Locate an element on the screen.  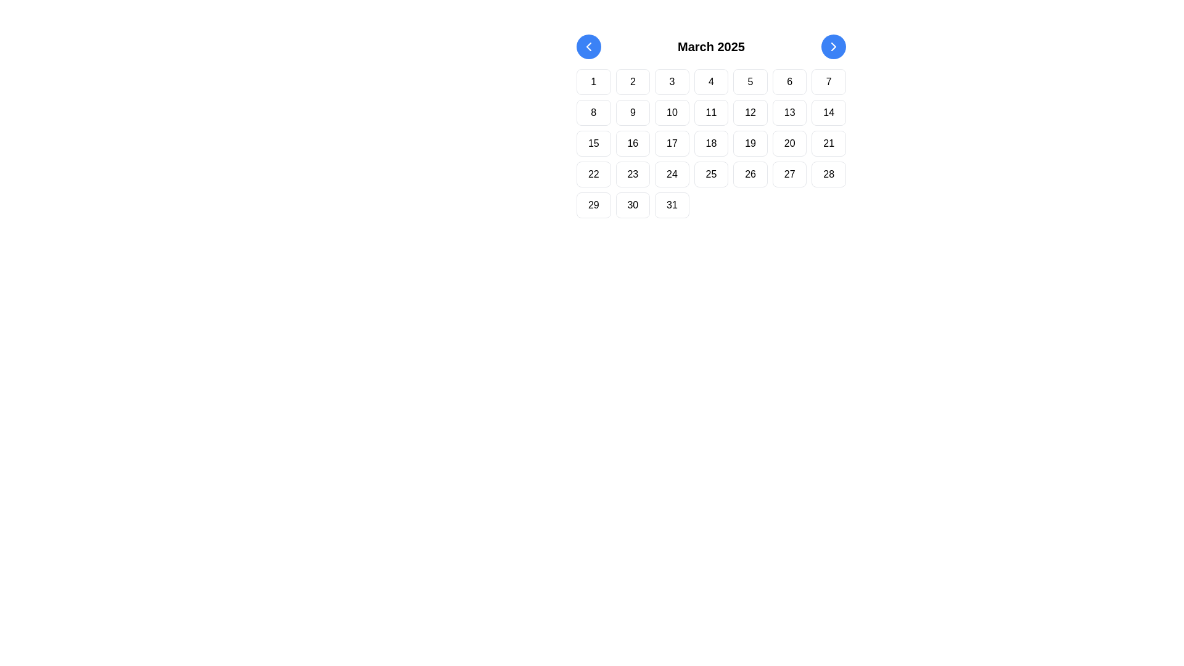
the button representing the date '23' in the calendar grid is located at coordinates (633, 174).